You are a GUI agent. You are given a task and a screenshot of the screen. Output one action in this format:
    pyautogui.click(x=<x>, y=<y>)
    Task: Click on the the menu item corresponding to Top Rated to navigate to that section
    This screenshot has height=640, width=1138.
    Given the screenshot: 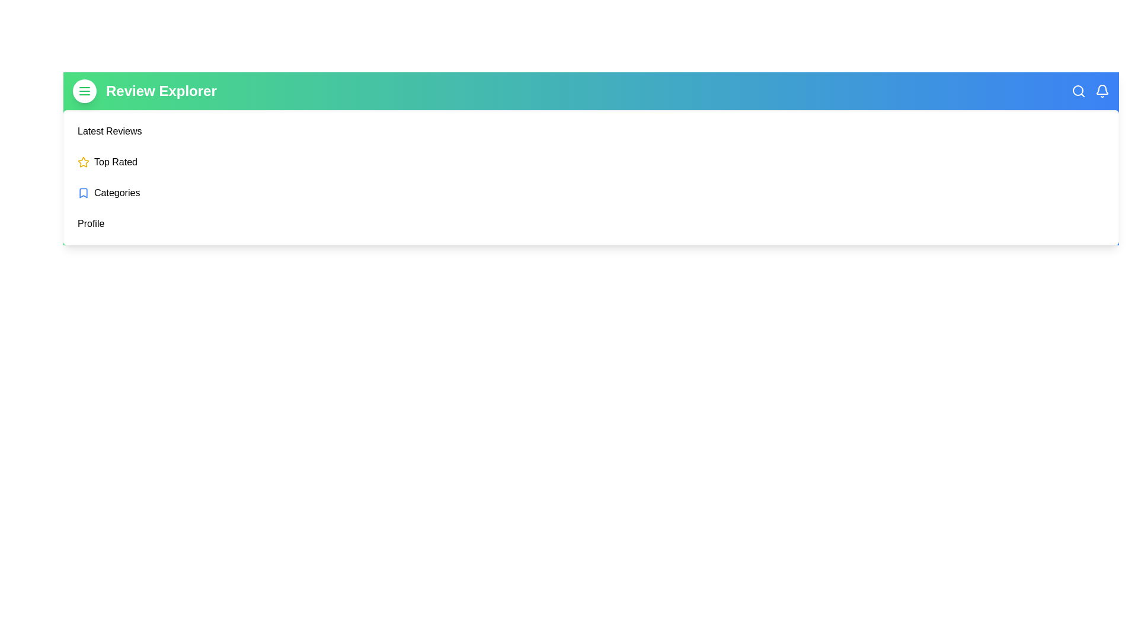 What is the action you would take?
    pyautogui.click(x=116, y=162)
    